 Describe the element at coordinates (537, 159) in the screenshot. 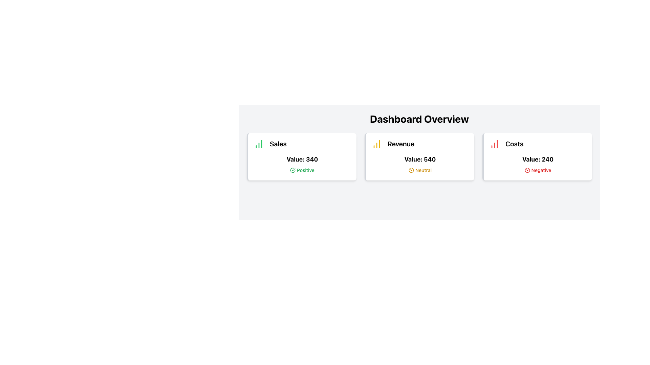

I see `the text label displaying 'Value: 240', which is styled in bold and large font, located within the third panel from the left, directly below the title 'Costs'` at that location.